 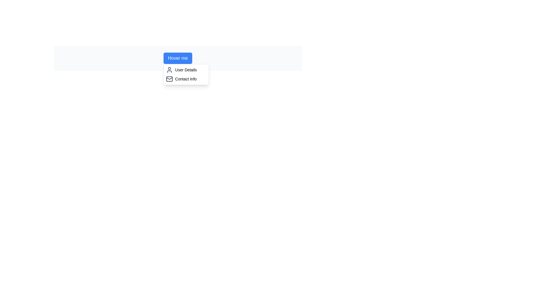 What do you see at coordinates (186, 79) in the screenshot?
I see `the text label with a mail icon in the dropdown menu that appears below the 'Hover me' button` at bounding box center [186, 79].